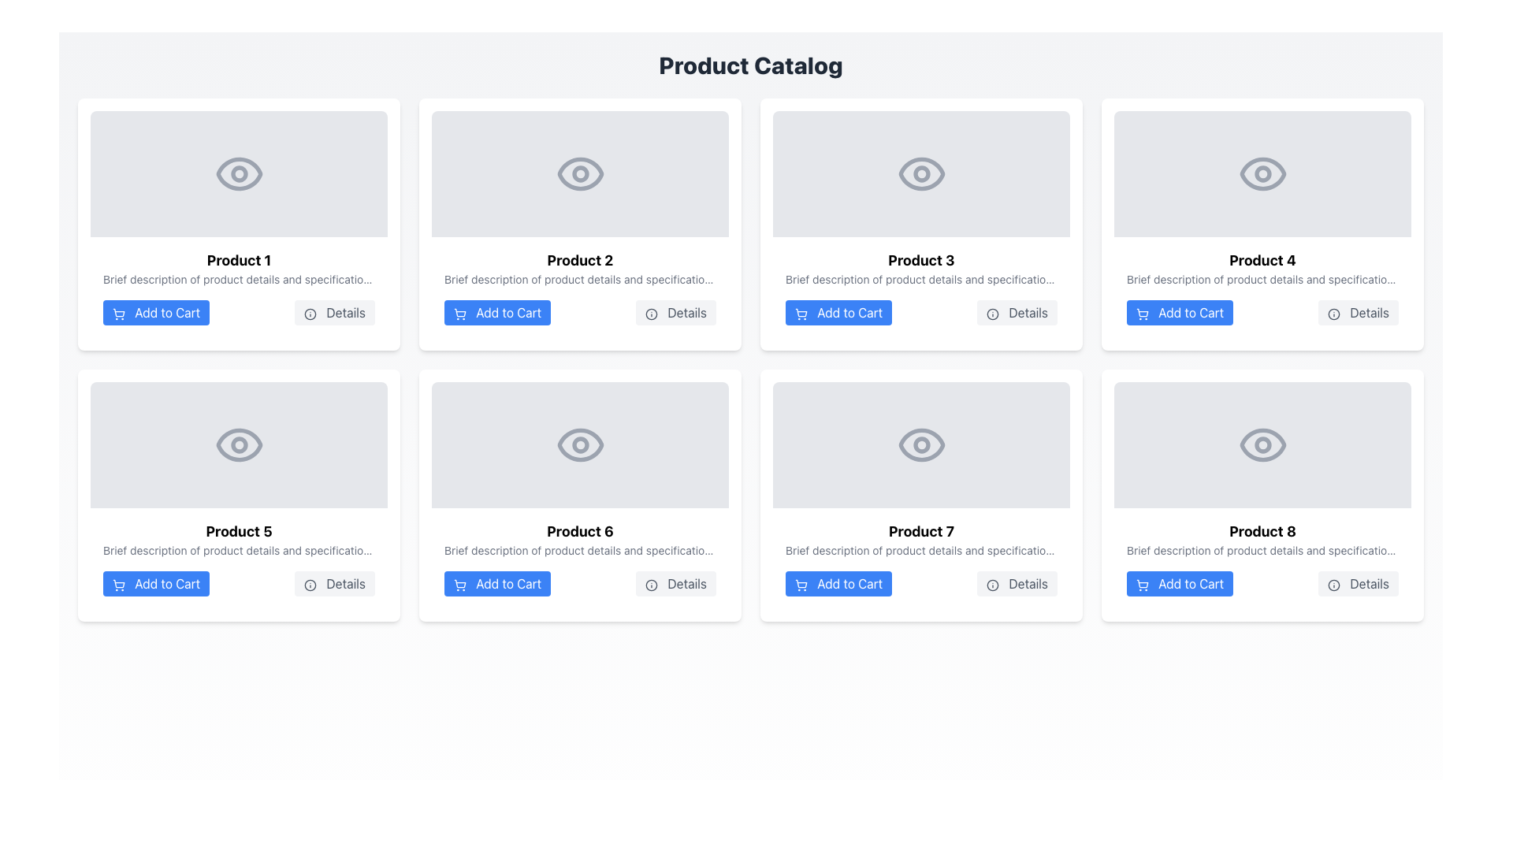 The height and width of the screenshot is (851, 1513). I want to click on the Image Placeholder at the top section of the fourth card in the grid layout, which has a light gray background and an eye icon, so click(1262, 173).